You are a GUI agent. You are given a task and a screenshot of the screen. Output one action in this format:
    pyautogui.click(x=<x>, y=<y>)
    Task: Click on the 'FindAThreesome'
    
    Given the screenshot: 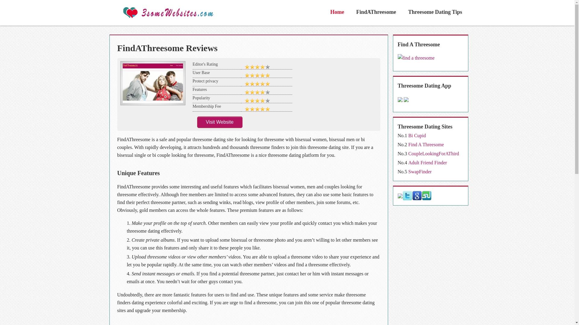 What is the action you would take?
    pyautogui.click(x=376, y=12)
    